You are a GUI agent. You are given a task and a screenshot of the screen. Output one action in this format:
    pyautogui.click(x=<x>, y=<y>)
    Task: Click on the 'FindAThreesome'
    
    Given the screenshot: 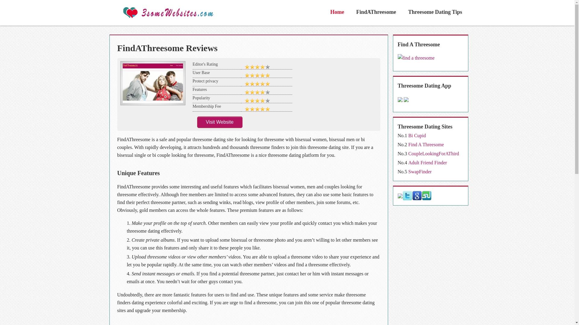 What is the action you would take?
    pyautogui.click(x=376, y=12)
    